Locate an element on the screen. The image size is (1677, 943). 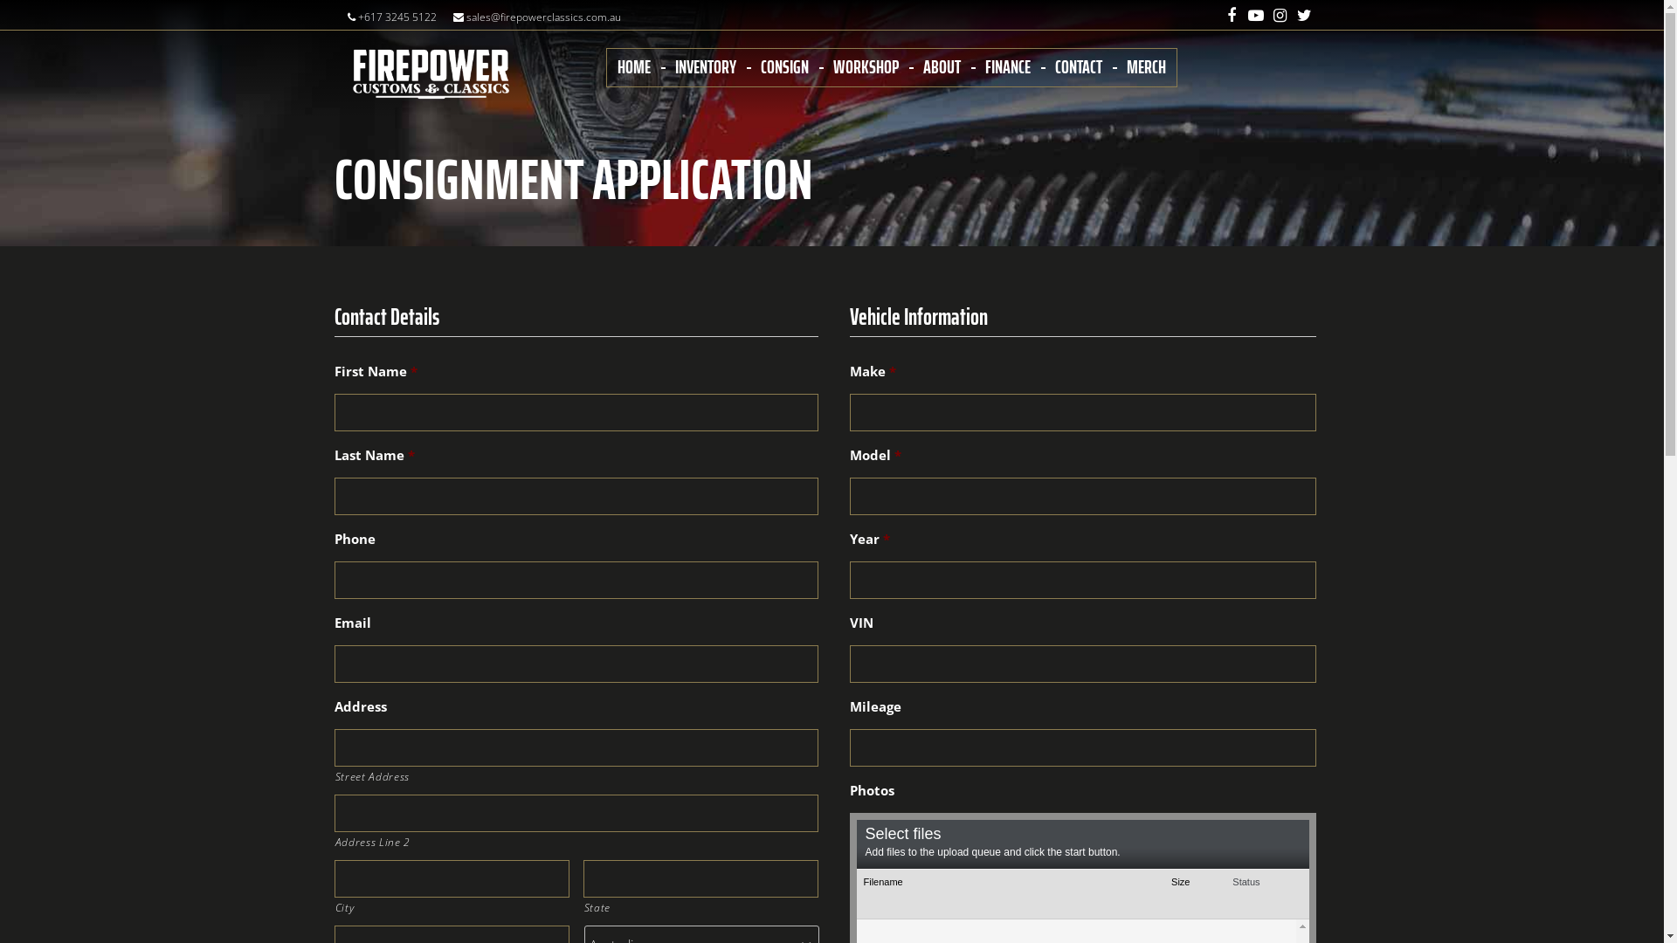
'YouTube' is located at coordinates (1243, 14).